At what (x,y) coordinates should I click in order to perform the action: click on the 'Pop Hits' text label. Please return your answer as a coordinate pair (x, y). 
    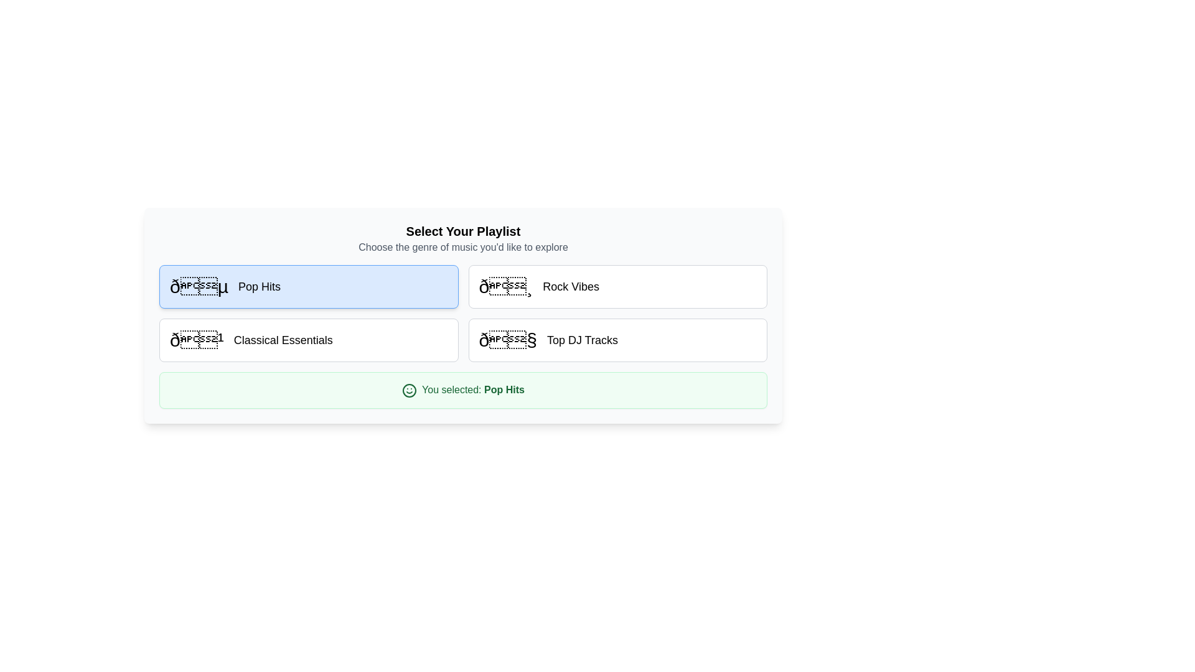
    Looking at the image, I should click on (259, 287).